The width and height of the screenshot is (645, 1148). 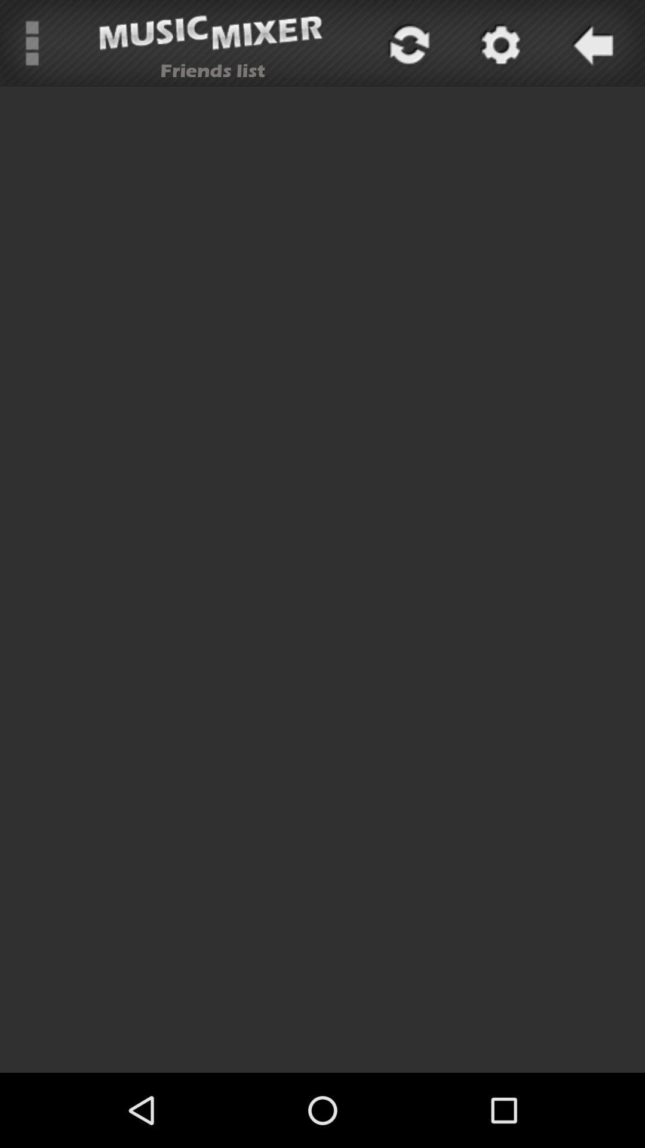 What do you see at coordinates (407, 43) in the screenshot?
I see `icon at the top` at bounding box center [407, 43].